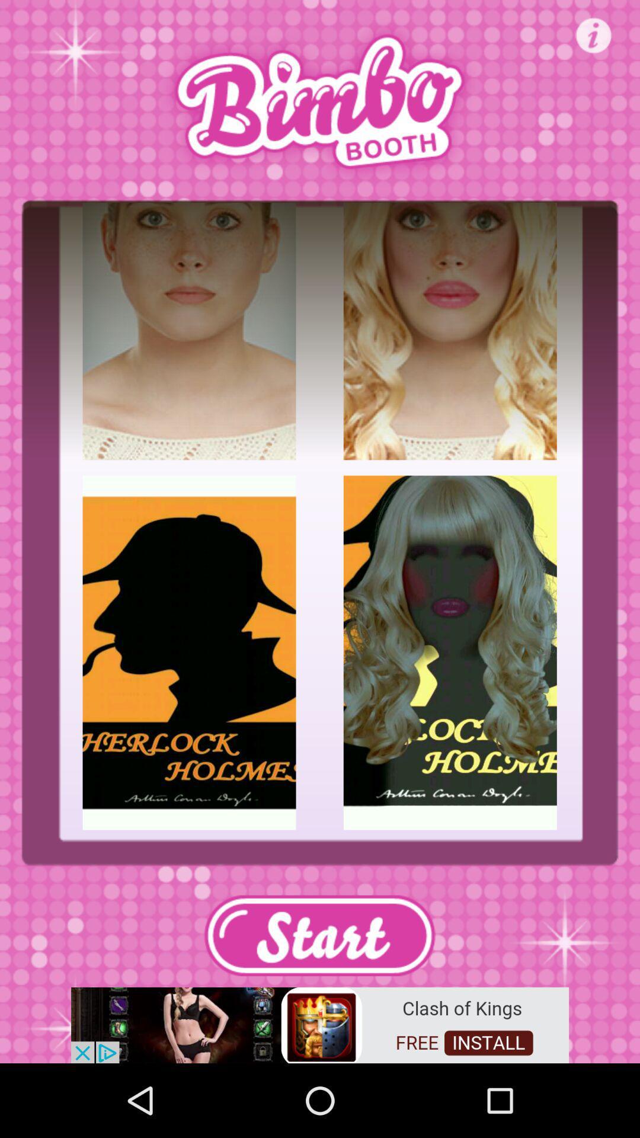 Image resolution: width=640 pixels, height=1138 pixels. What do you see at coordinates (594, 35) in the screenshot?
I see `open info page` at bounding box center [594, 35].